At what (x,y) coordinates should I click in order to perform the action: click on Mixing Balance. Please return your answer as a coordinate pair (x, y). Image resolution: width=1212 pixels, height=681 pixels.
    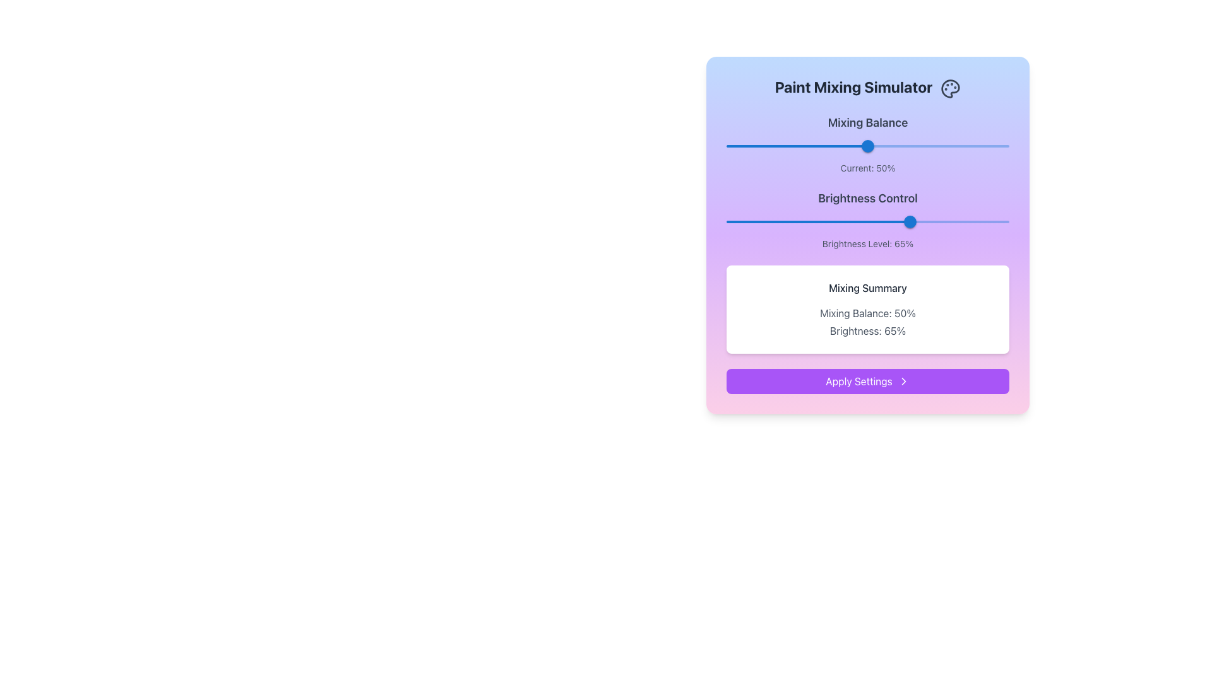
    Looking at the image, I should click on (846, 145).